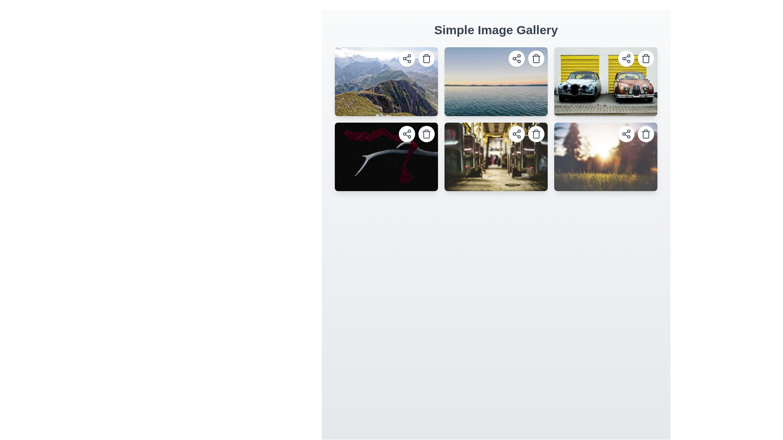  What do you see at coordinates (386, 157) in the screenshot?
I see `to select the image tile with a vivid design showing a red ribbon against a black background, located in the first position of the second row of a 2x3 grid layout` at bounding box center [386, 157].